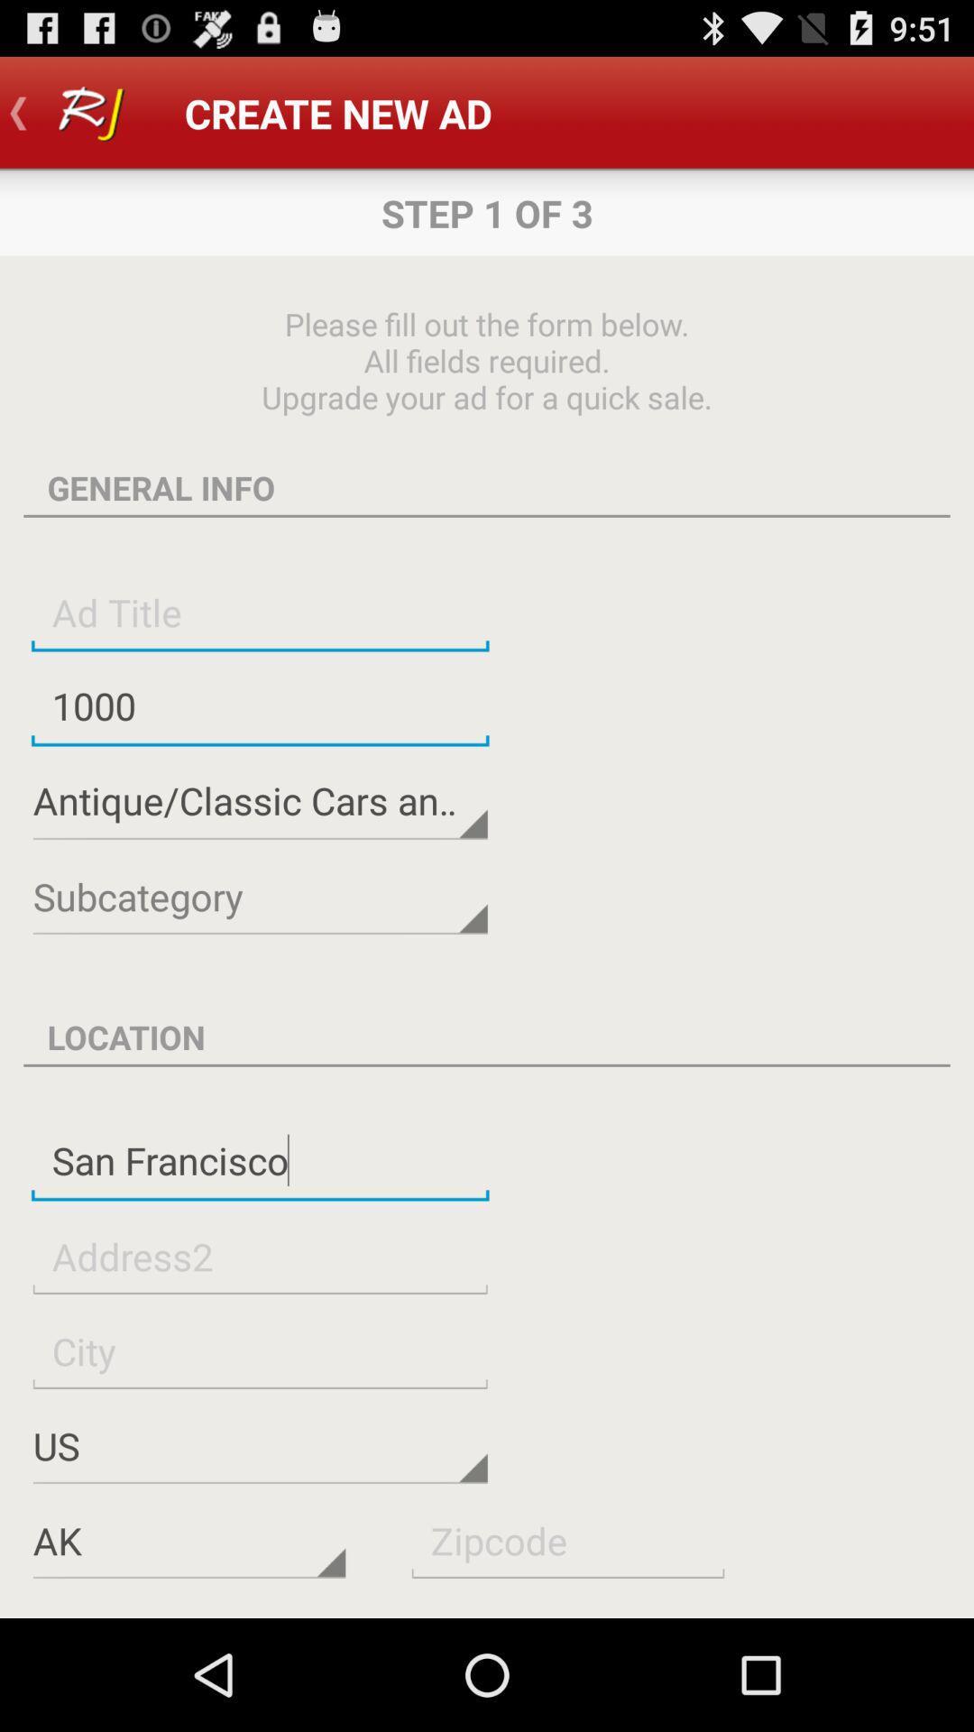 The height and width of the screenshot is (1732, 974). Describe the element at coordinates (260, 1350) in the screenshot. I see `city name` at that location.